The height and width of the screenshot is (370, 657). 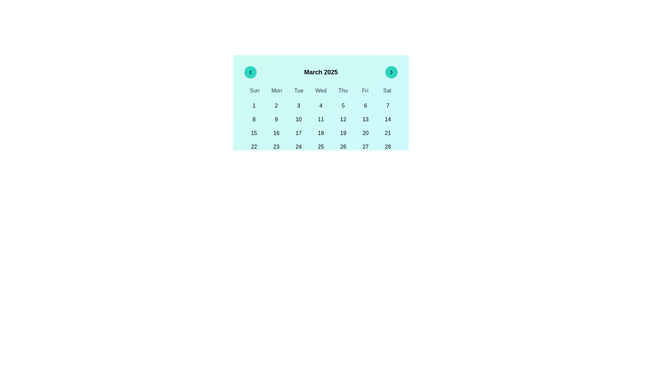 What do you see at coordinates (365, 133) in the screenshot?
I see `the interactive calendar date cell displaying the number '20', which is` at bounding box center [365, 133].